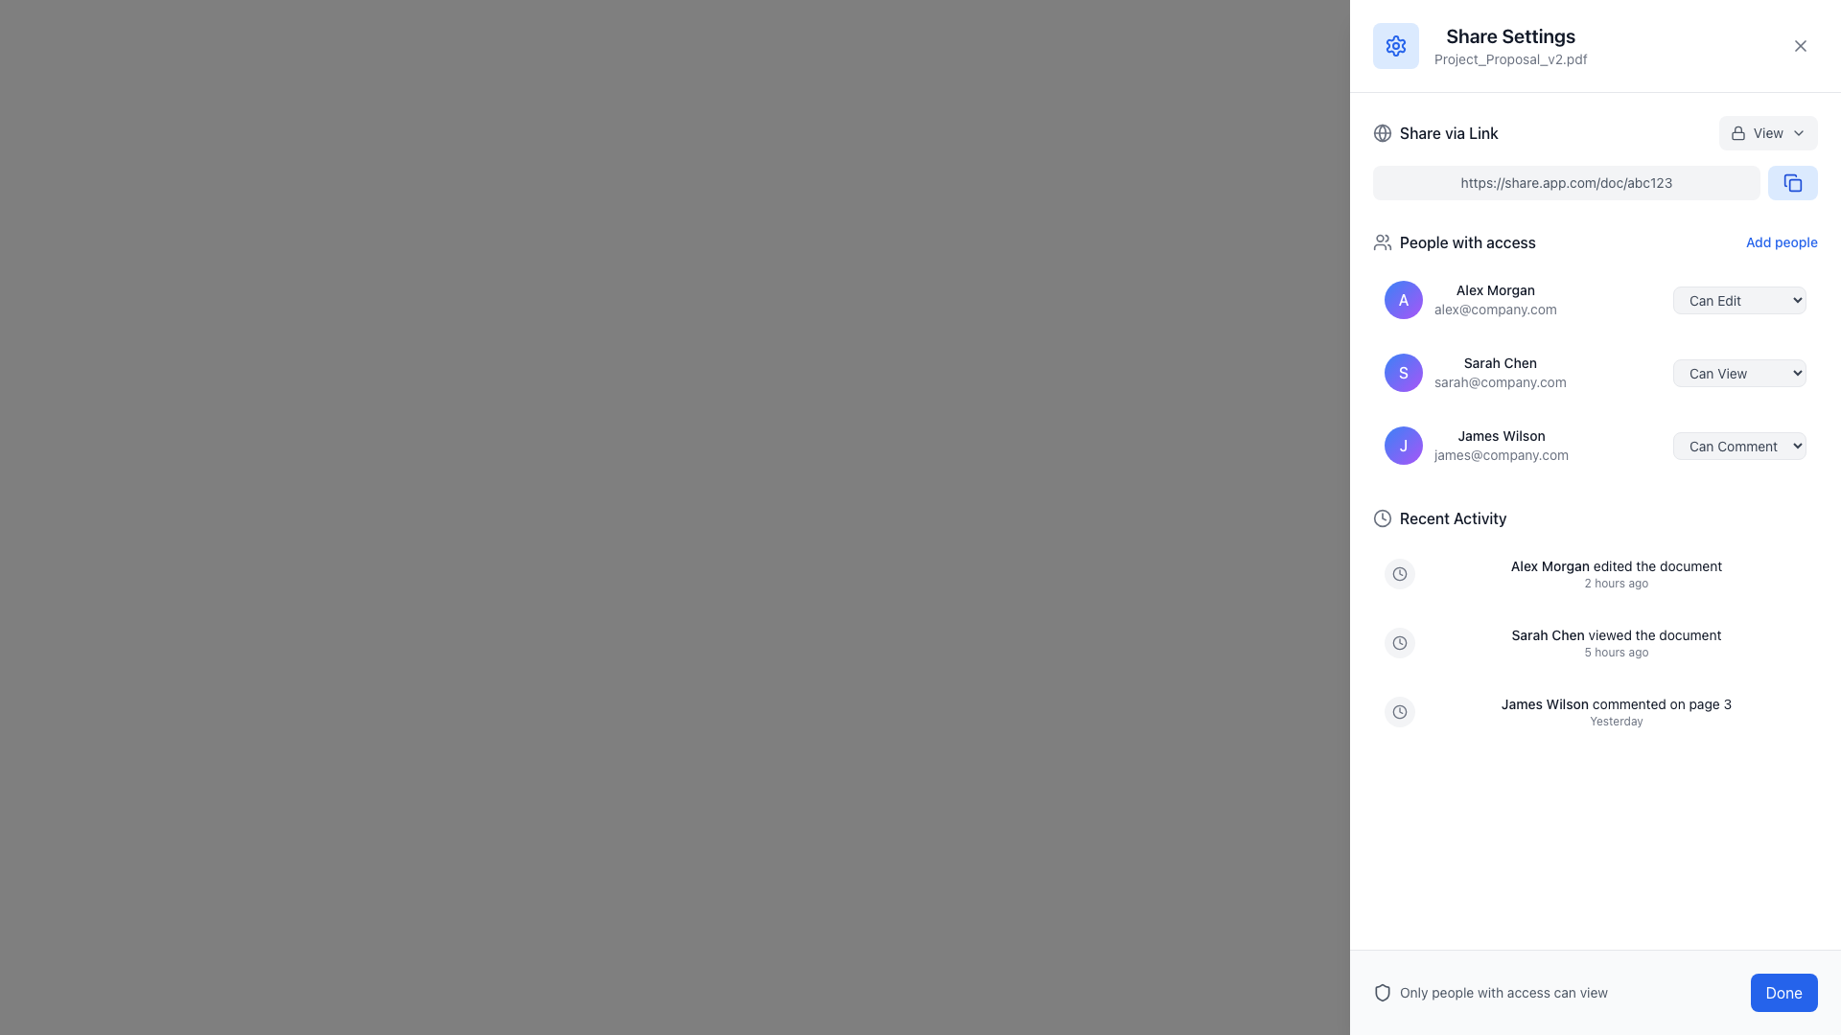 The width and height of the screenshot is (1841, 1035). What do you see at coordinates (1501, 454) in the screenshot?
I see `the text display element showing the email address for 'James Wilson' located under the 'People with access' section` at bounding box center [1501, 454].